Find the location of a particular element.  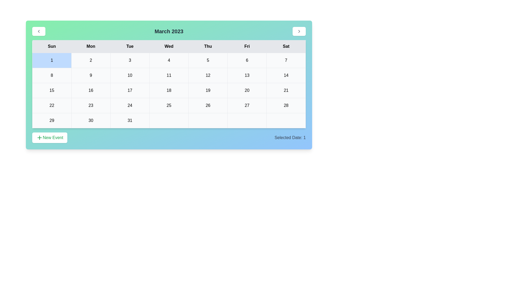

the cell representing the date 29 in the calendar is located at coordinates (52, 120).